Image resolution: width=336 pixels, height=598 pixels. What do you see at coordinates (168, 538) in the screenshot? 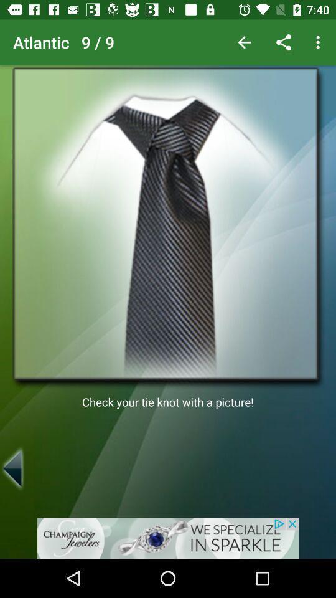
I see `show outside advertisement` at bounding box center [168, 538].